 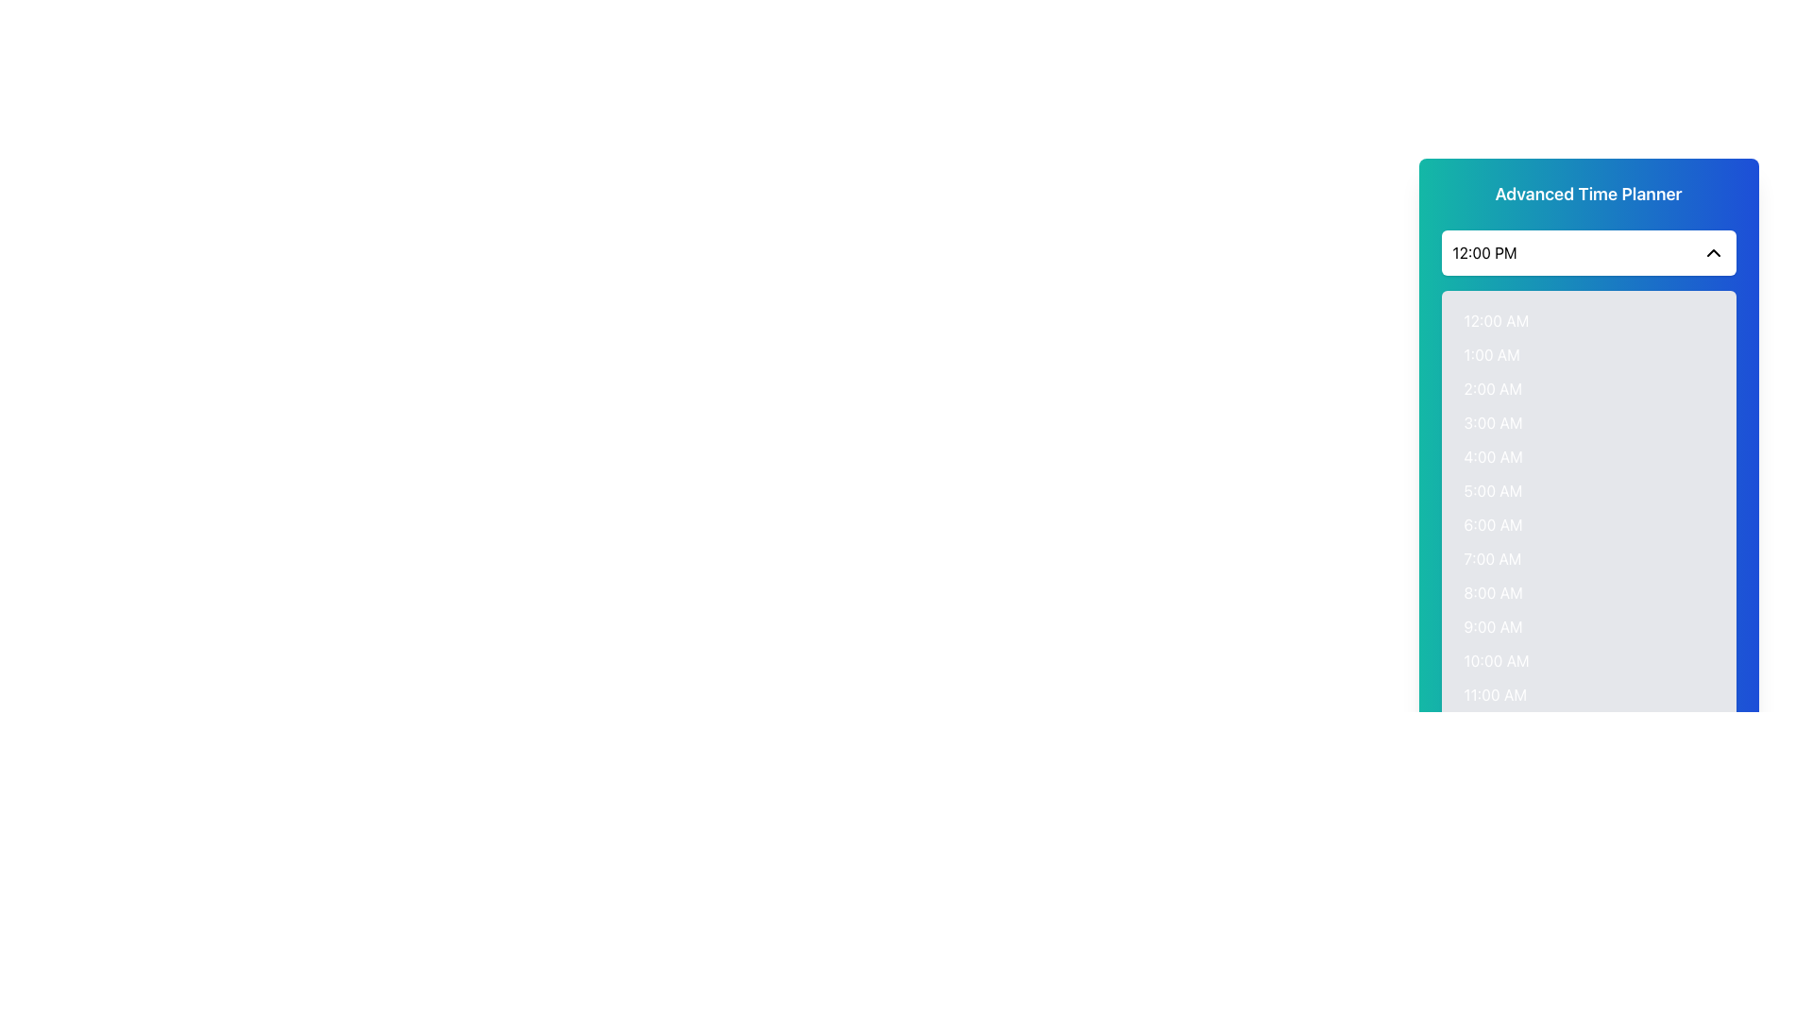 What do you see at coordinates (1587, 659) in the screenshot?
I see `the selectable list item for '10:00 AM' in the dropdown menu` at bounding box center [1587, 659].